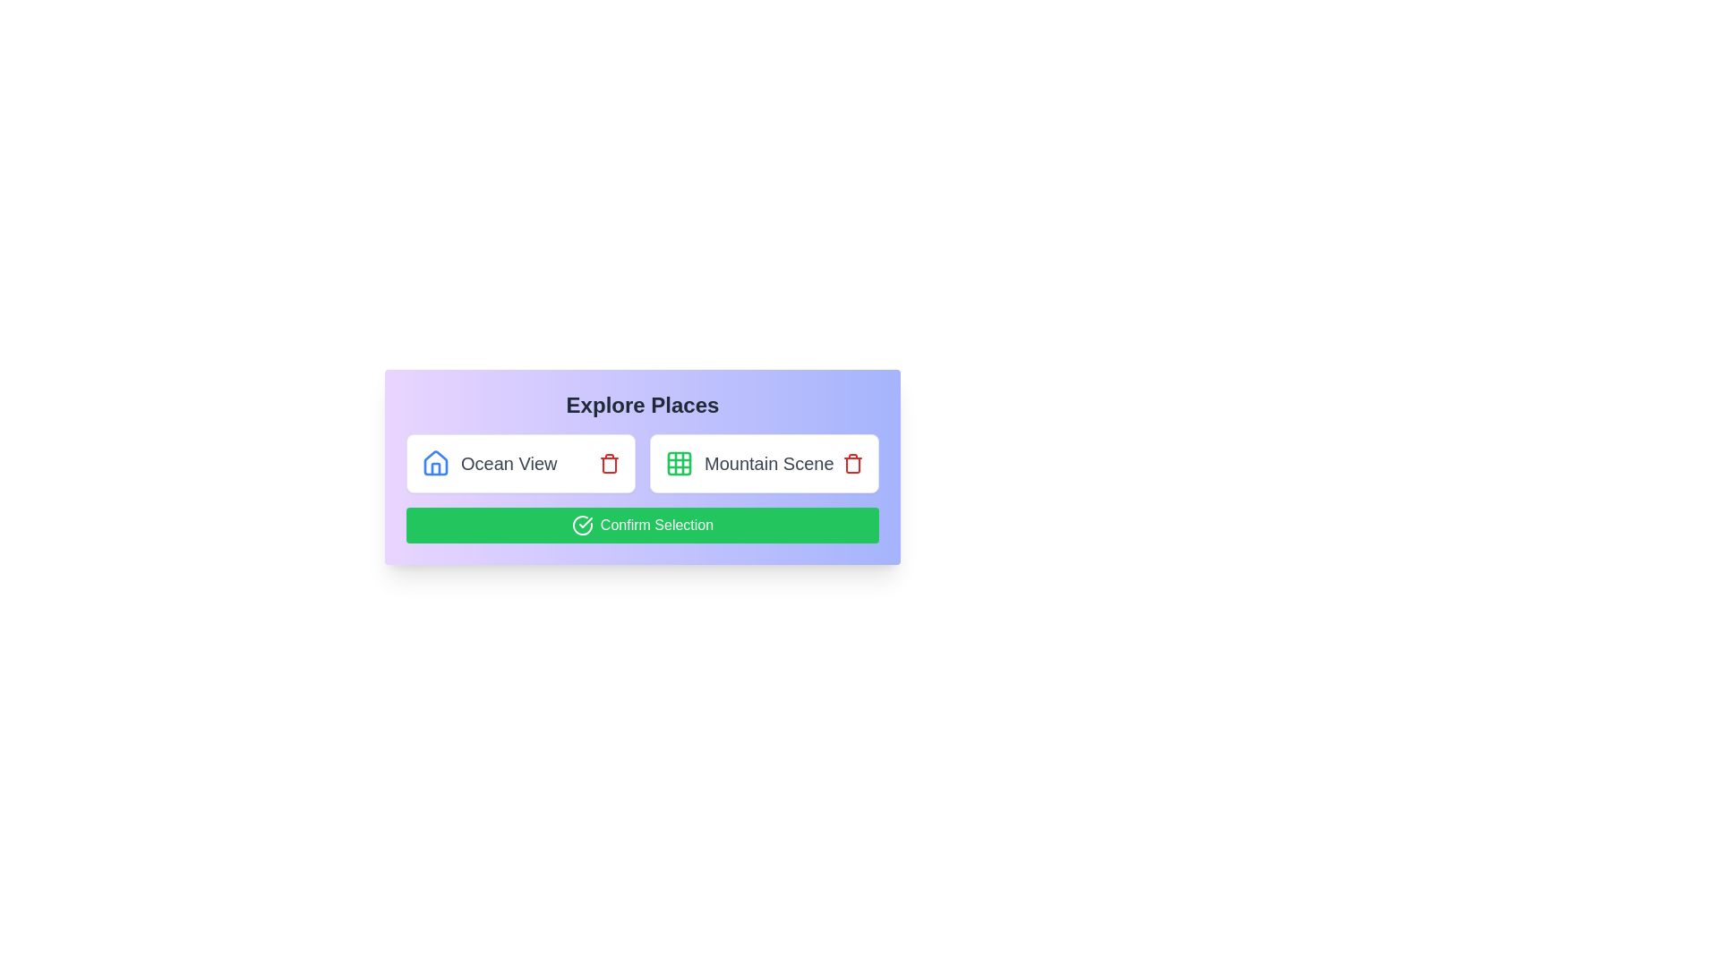 This screenshot has height=967, width=1719. What do you see at coordinates (582, 524) in the screenshot?
I see `the visual confirmation icon located to the left of the 'Confirm Selection' button at the bottom center of the interface` at bounding box center [582, 524].